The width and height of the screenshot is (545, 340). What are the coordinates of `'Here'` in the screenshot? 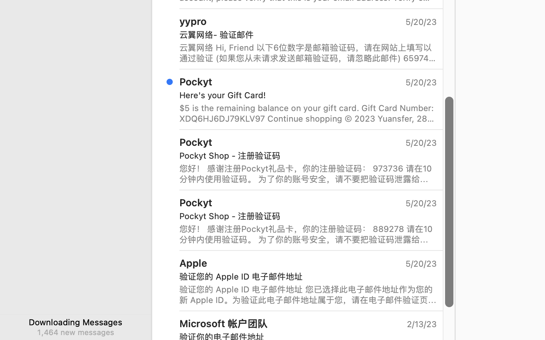 It's located at (305, 95).